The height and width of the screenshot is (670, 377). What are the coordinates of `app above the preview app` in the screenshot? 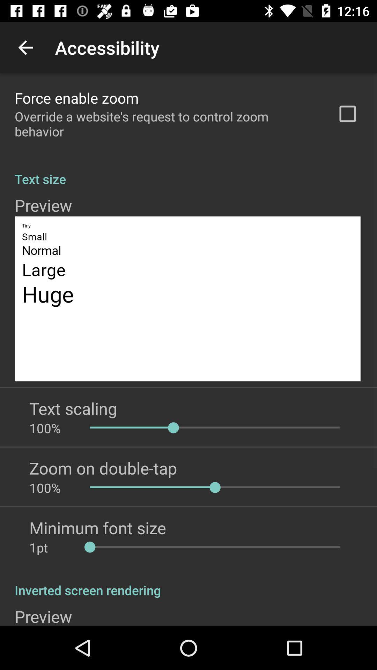 It's located at (188, 583).